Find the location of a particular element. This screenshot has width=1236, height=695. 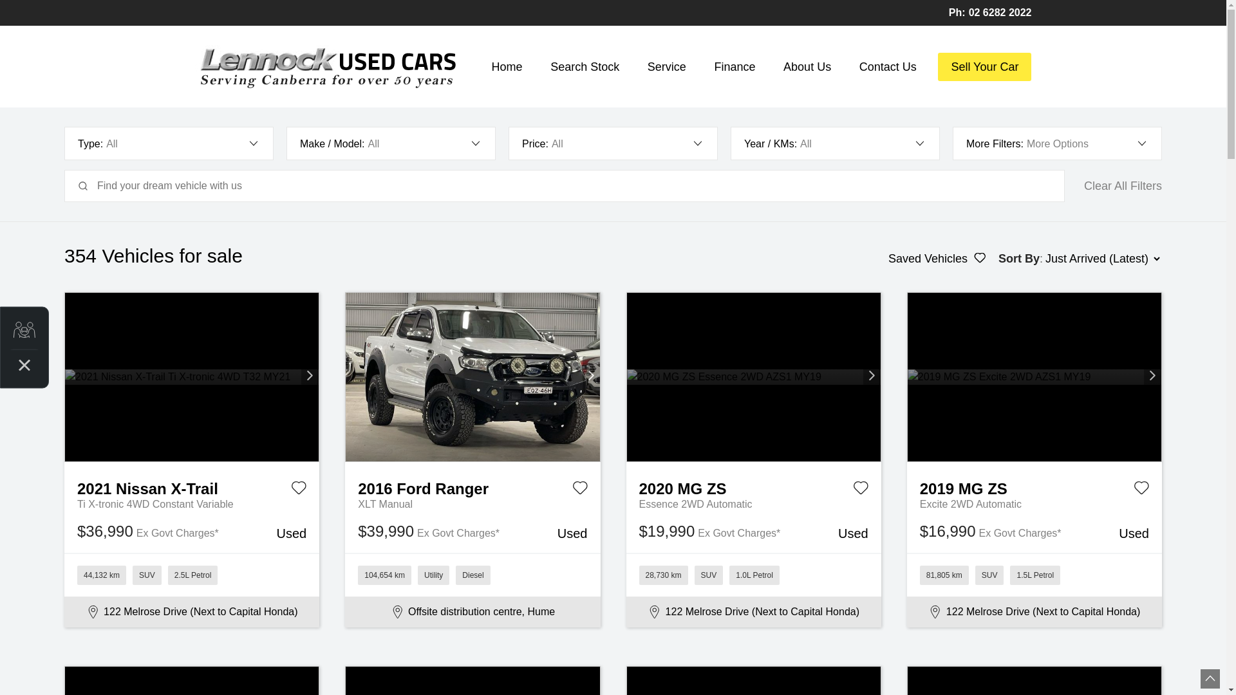

'Clear All Filters' is located at coordinates (1122, 186).